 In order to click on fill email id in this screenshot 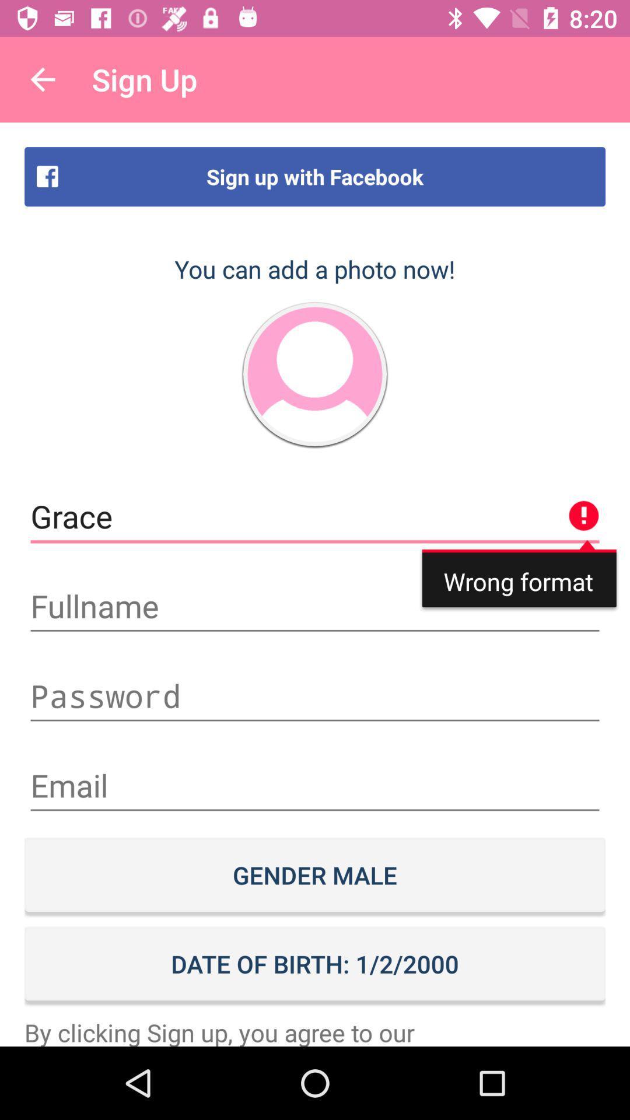, I will do `click(315, 786)`.